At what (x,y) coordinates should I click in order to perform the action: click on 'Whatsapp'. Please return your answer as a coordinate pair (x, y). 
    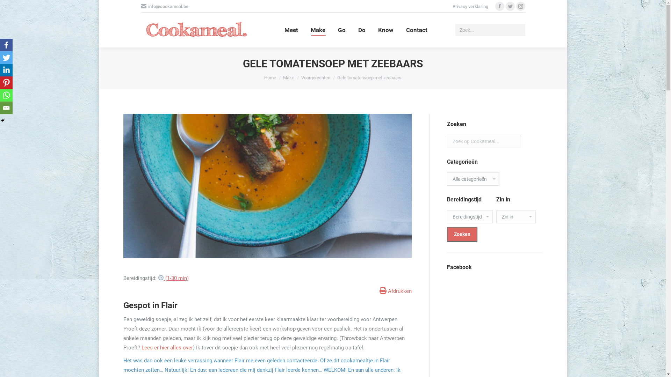
    Looking at the image, I should click on (6, 95).